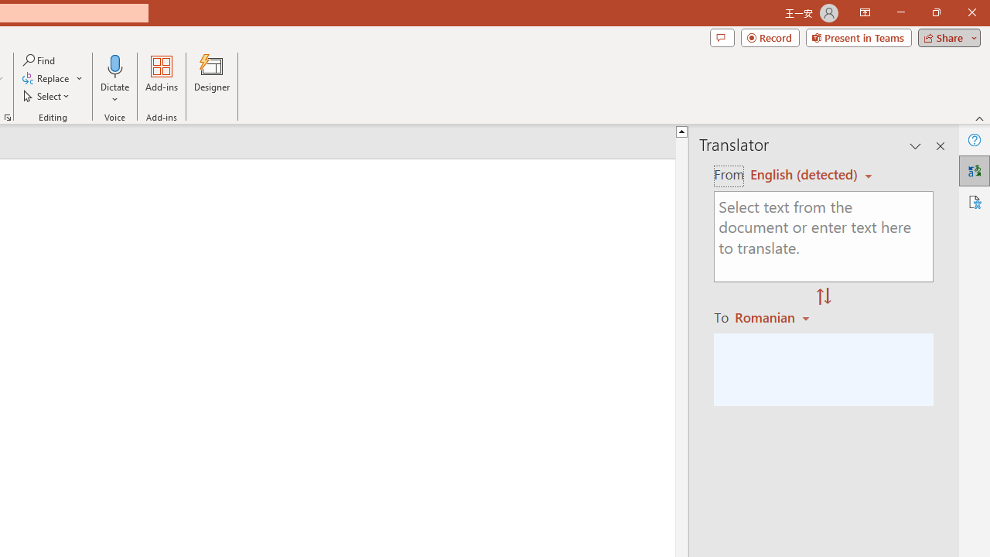  Describe the element at coordinates (804, 174) in the screenshot. I see `'Czech (detected)'` at that location.